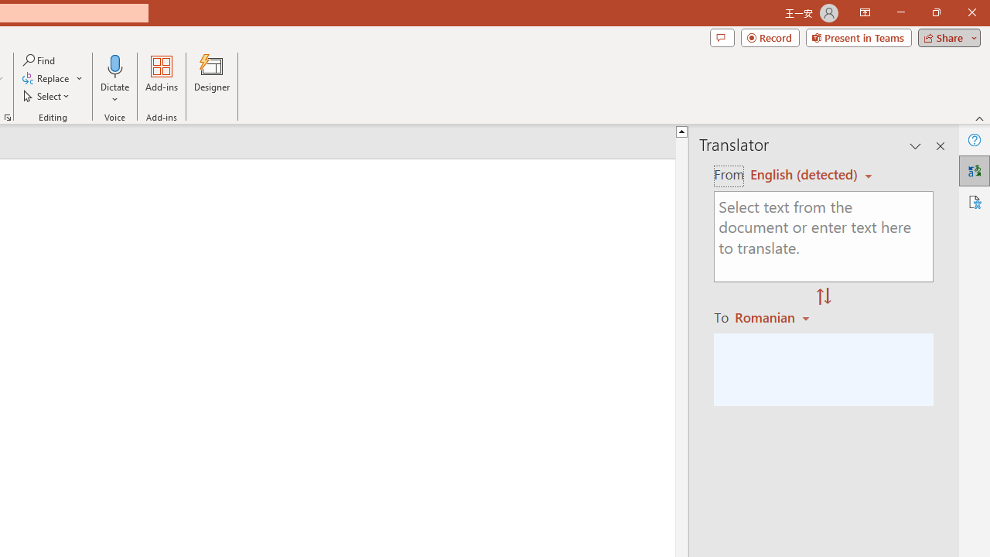  Describe the element at coordinates (804, 174) in the screenshot. I see `'Czech (detected)'` at that location.